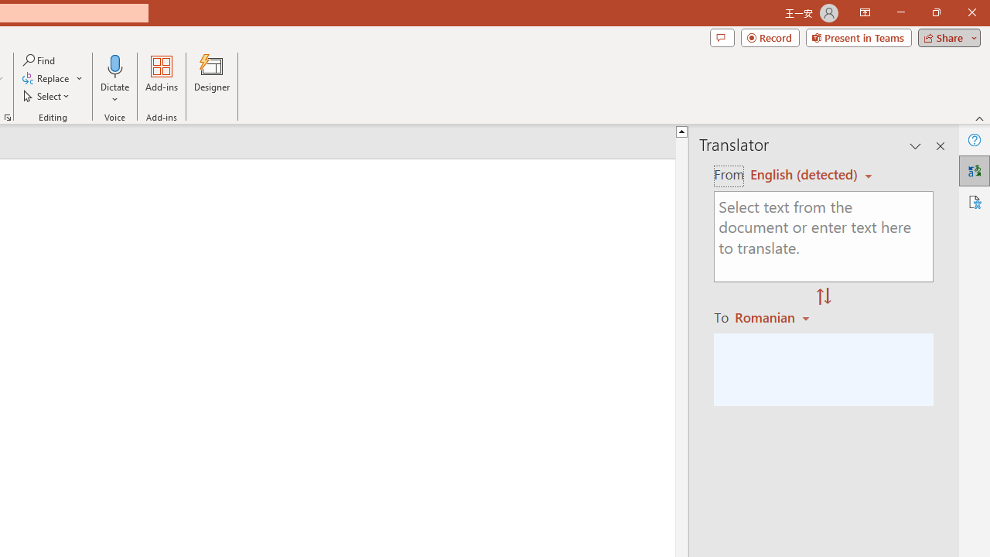  Describe the element at coordinates (804, 174) in the screenshot. I see `'Czech (detected)'` at that location.